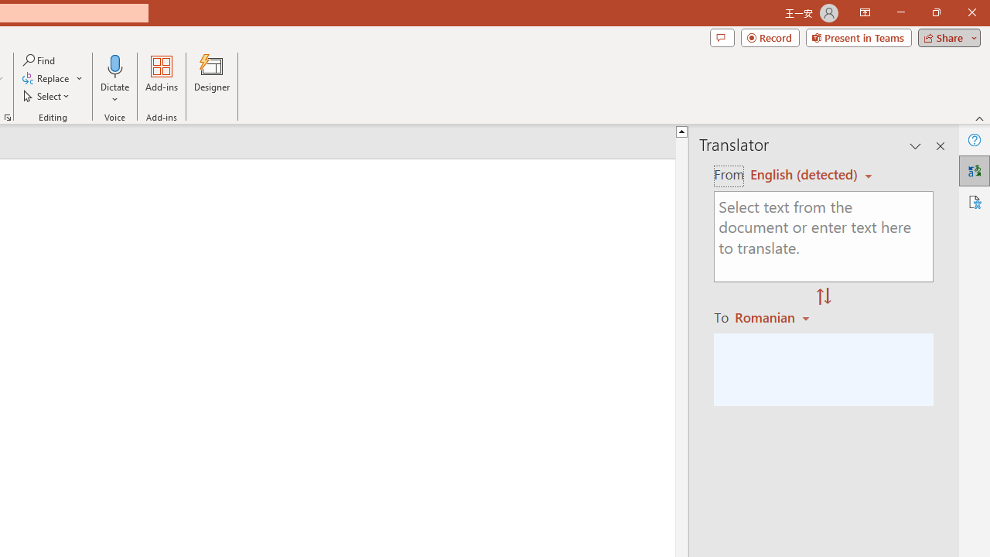  Describe the element at coordinates (804, 174) in the screenshot. I see `'Czech (detected)'` at that location.